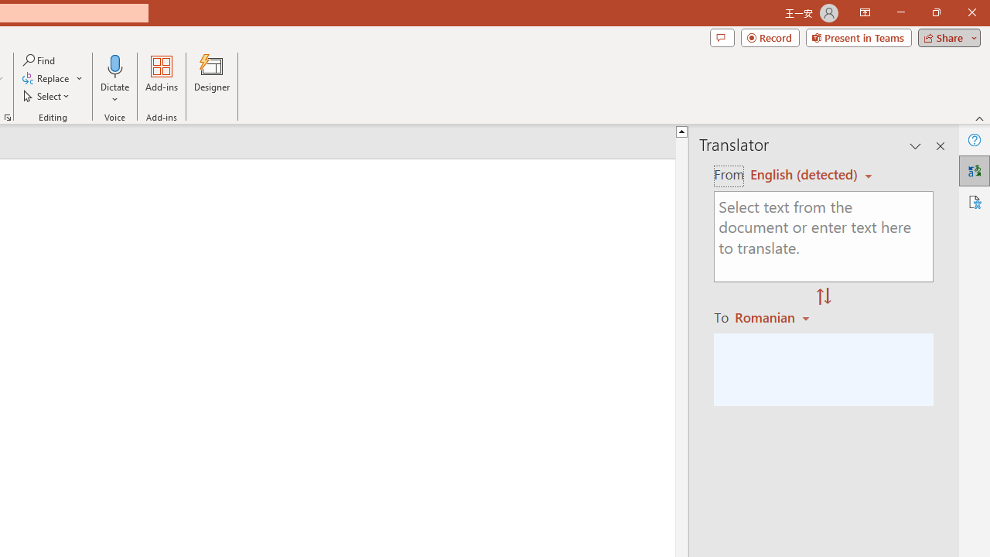  Describe the element at coordinates (804, 174) in the screenshot. I see `'Czech (detected)'` at that location.